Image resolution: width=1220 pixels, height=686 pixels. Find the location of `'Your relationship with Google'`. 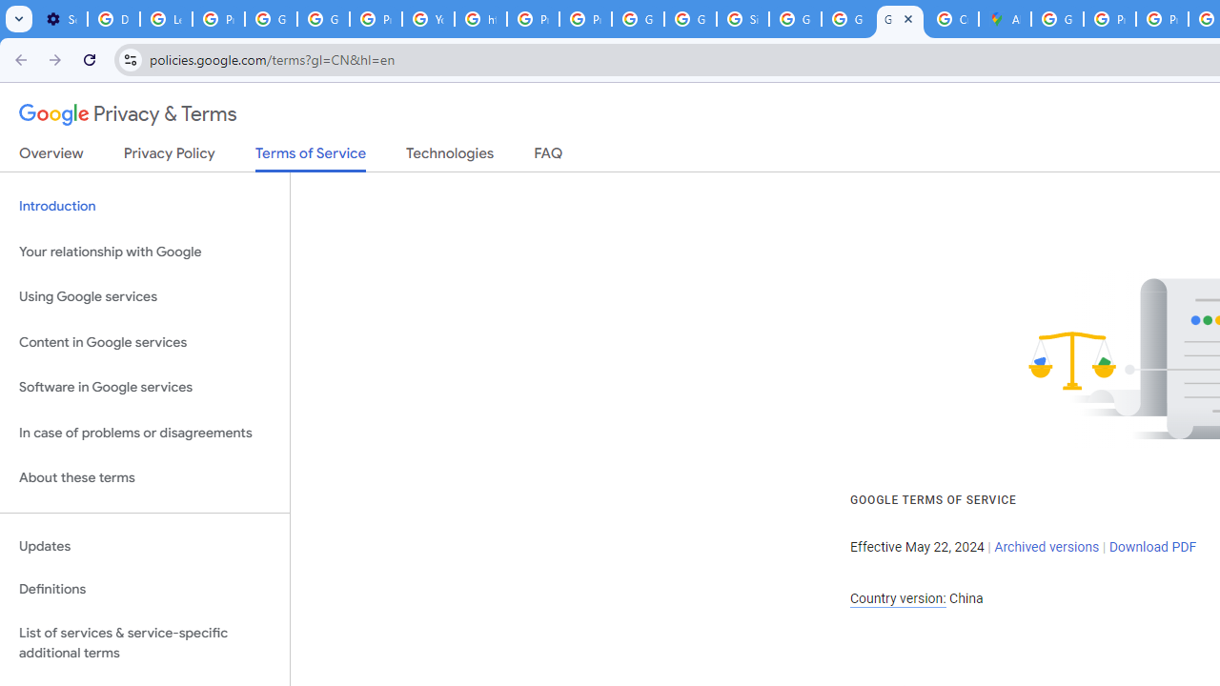

'Your relationship with Google' is located at coordinates (144, 251).